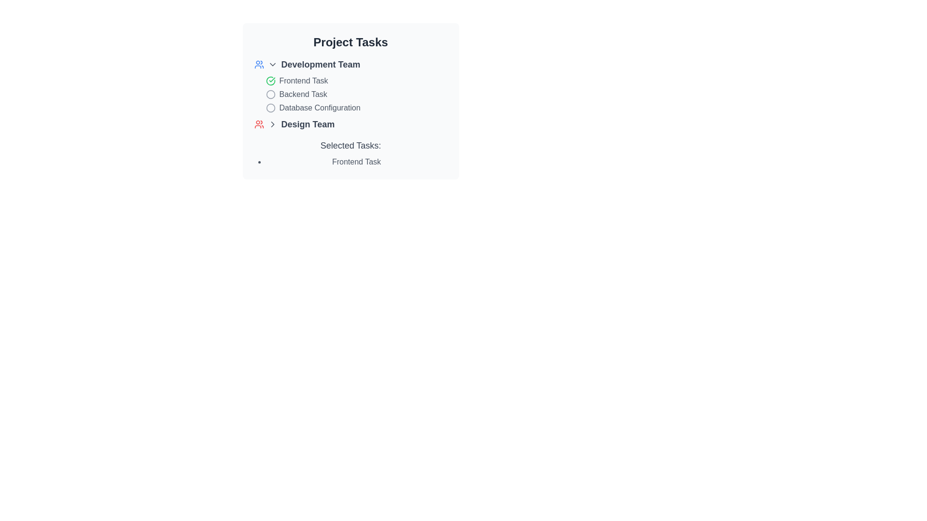 This screenshot has width=927, height=521. Describe the element at coordinates (270, 95) in the screenshot. I see `the unselected marker icon in the 'Development Team' section, positioned before the text label 'Backend Task'` at that location.